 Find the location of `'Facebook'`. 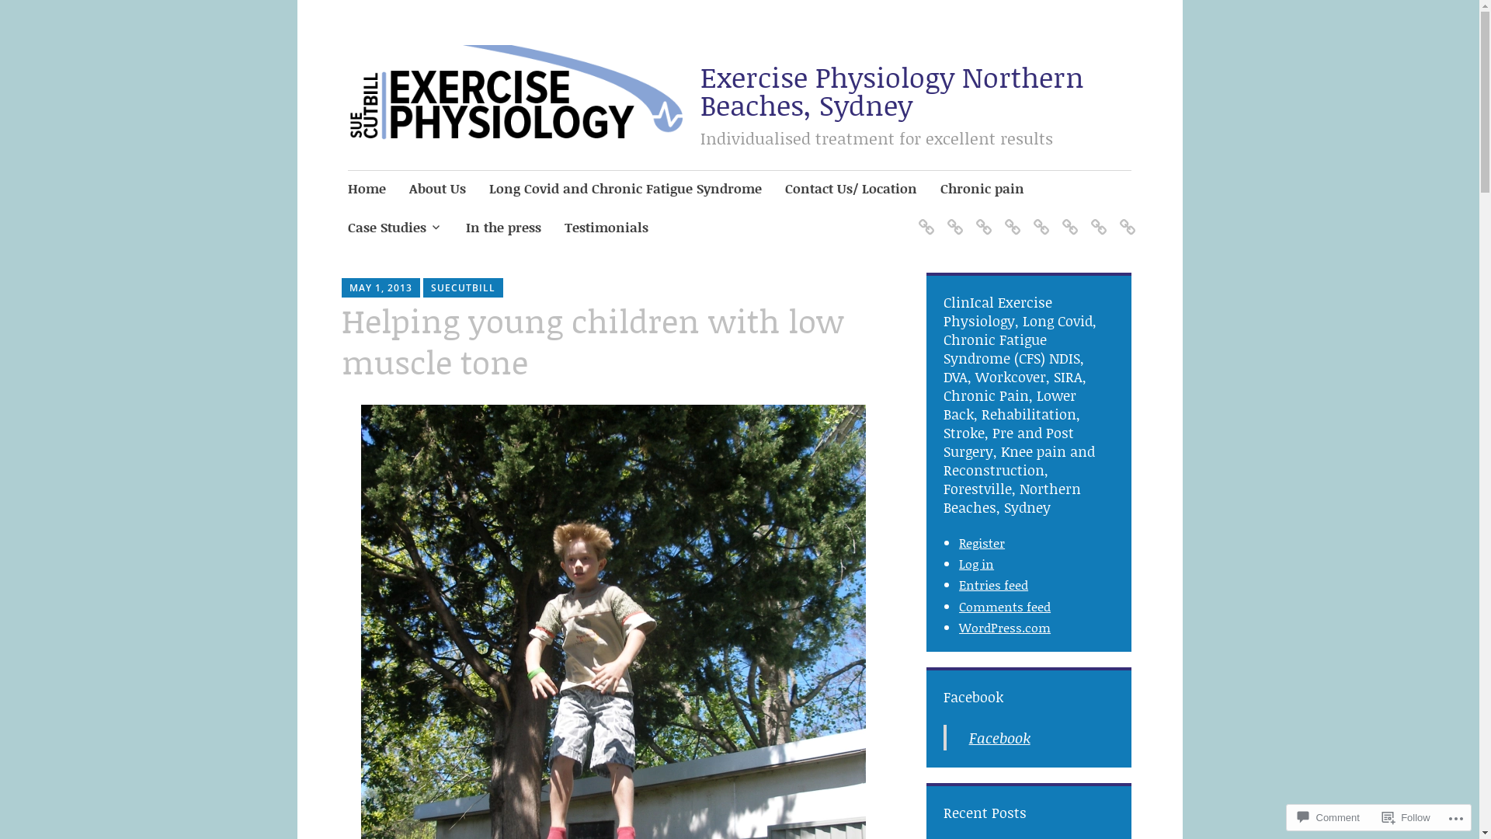

'Facebook' is located at coordinates (999, 736).